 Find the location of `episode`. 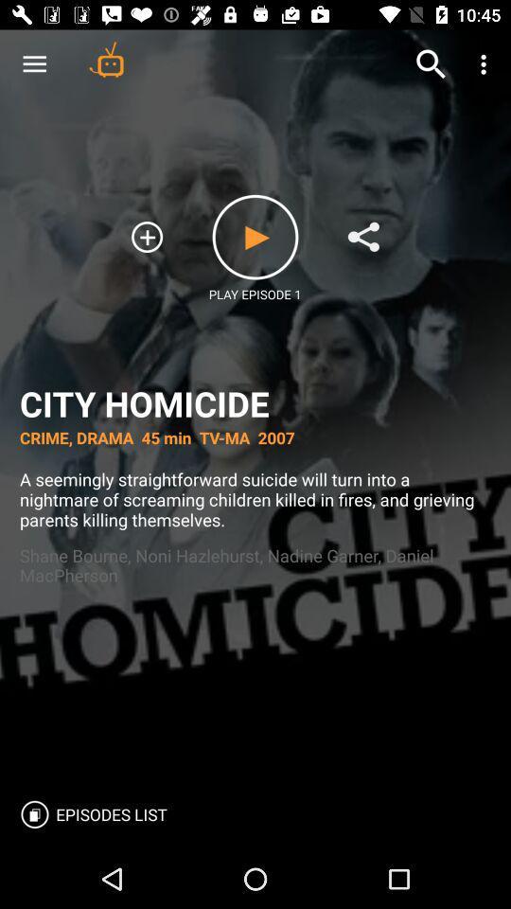

episode is located at coordinates (255, 236).